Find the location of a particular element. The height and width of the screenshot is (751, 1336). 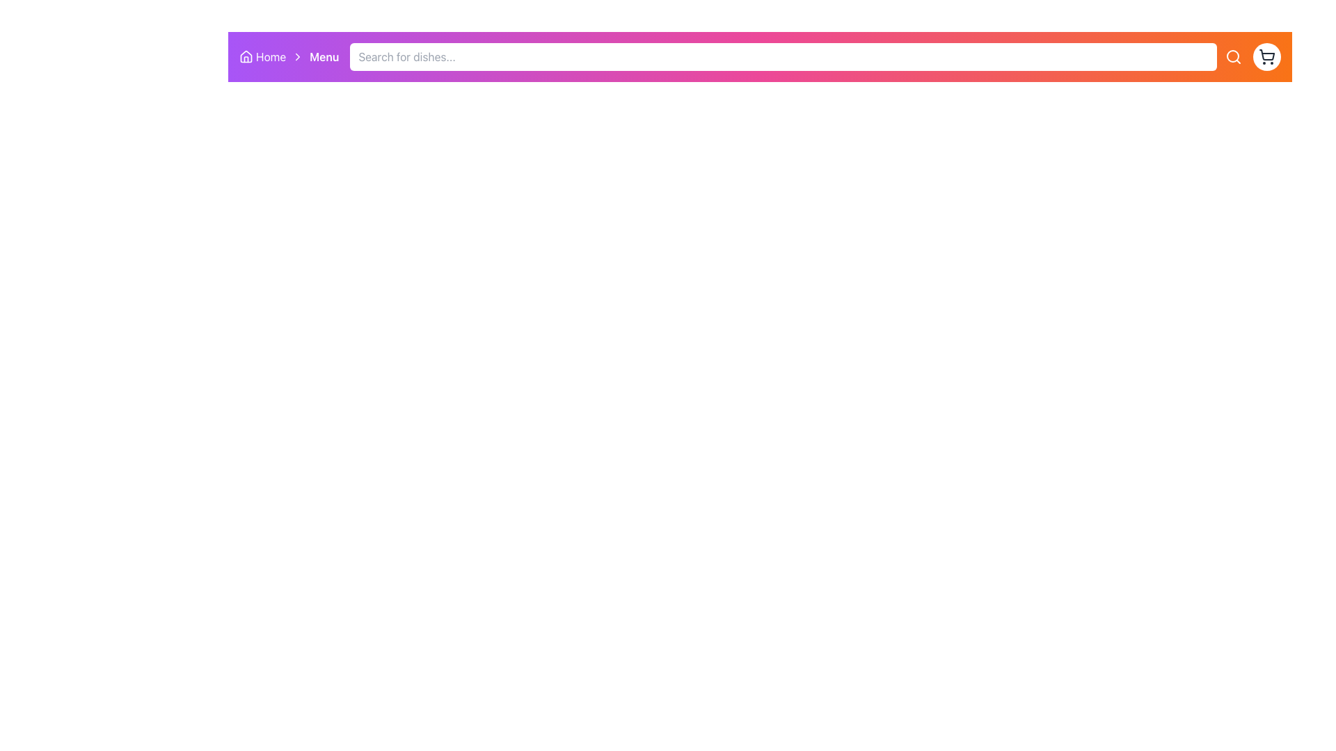

the 'Menu' text label, which is a bold, white sans-serif label located in the breadcrumb navigation bar, immediately after the 'Home' link and the chevron icon is located at coordinates (324, 56).